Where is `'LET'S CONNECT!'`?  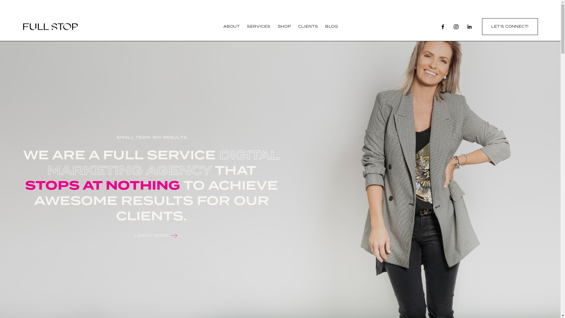 'LET'S CONNECT!' is located at coordinates (509, 26).